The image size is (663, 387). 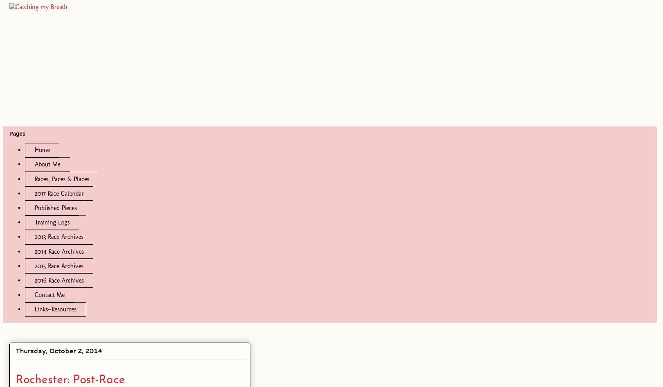 I want to click on 'Pages', so click(x=17, y=133).